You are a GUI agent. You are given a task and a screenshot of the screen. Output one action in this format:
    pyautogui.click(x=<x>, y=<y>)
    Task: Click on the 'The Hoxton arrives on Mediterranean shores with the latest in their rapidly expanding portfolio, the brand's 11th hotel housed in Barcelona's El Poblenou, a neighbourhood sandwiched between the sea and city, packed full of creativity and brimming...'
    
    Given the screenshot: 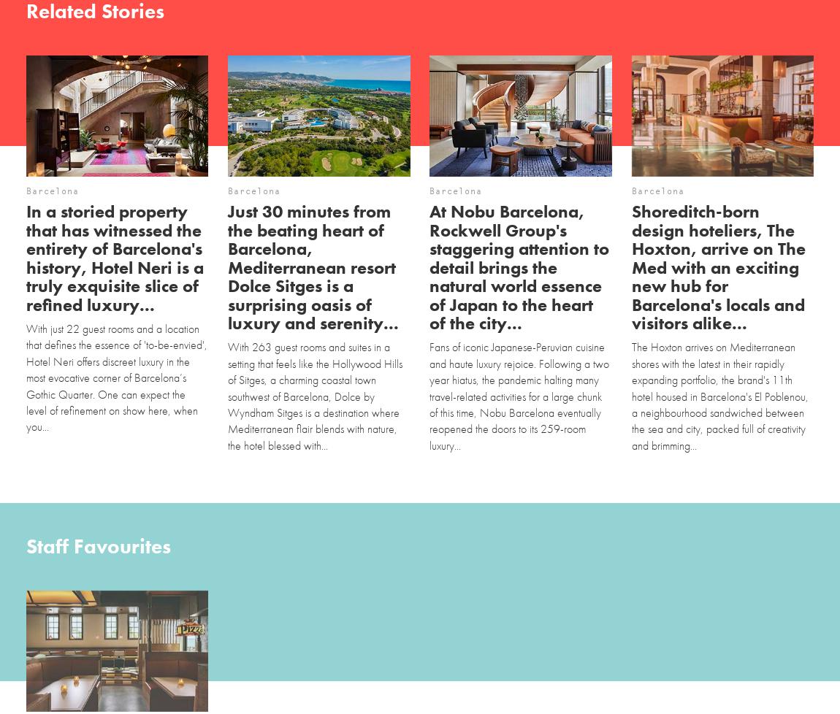 What is the action you would take?
    pyautogui.click(x=719, y=396)
    